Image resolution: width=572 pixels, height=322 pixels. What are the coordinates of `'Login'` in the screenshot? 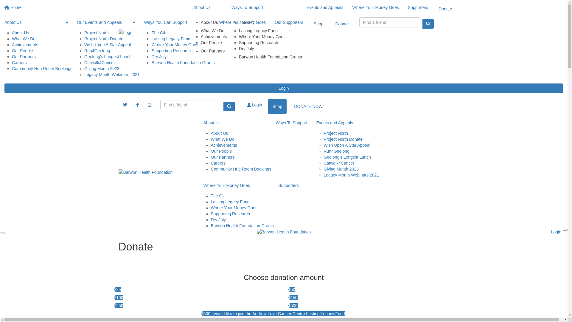 It's located at (254, 104).